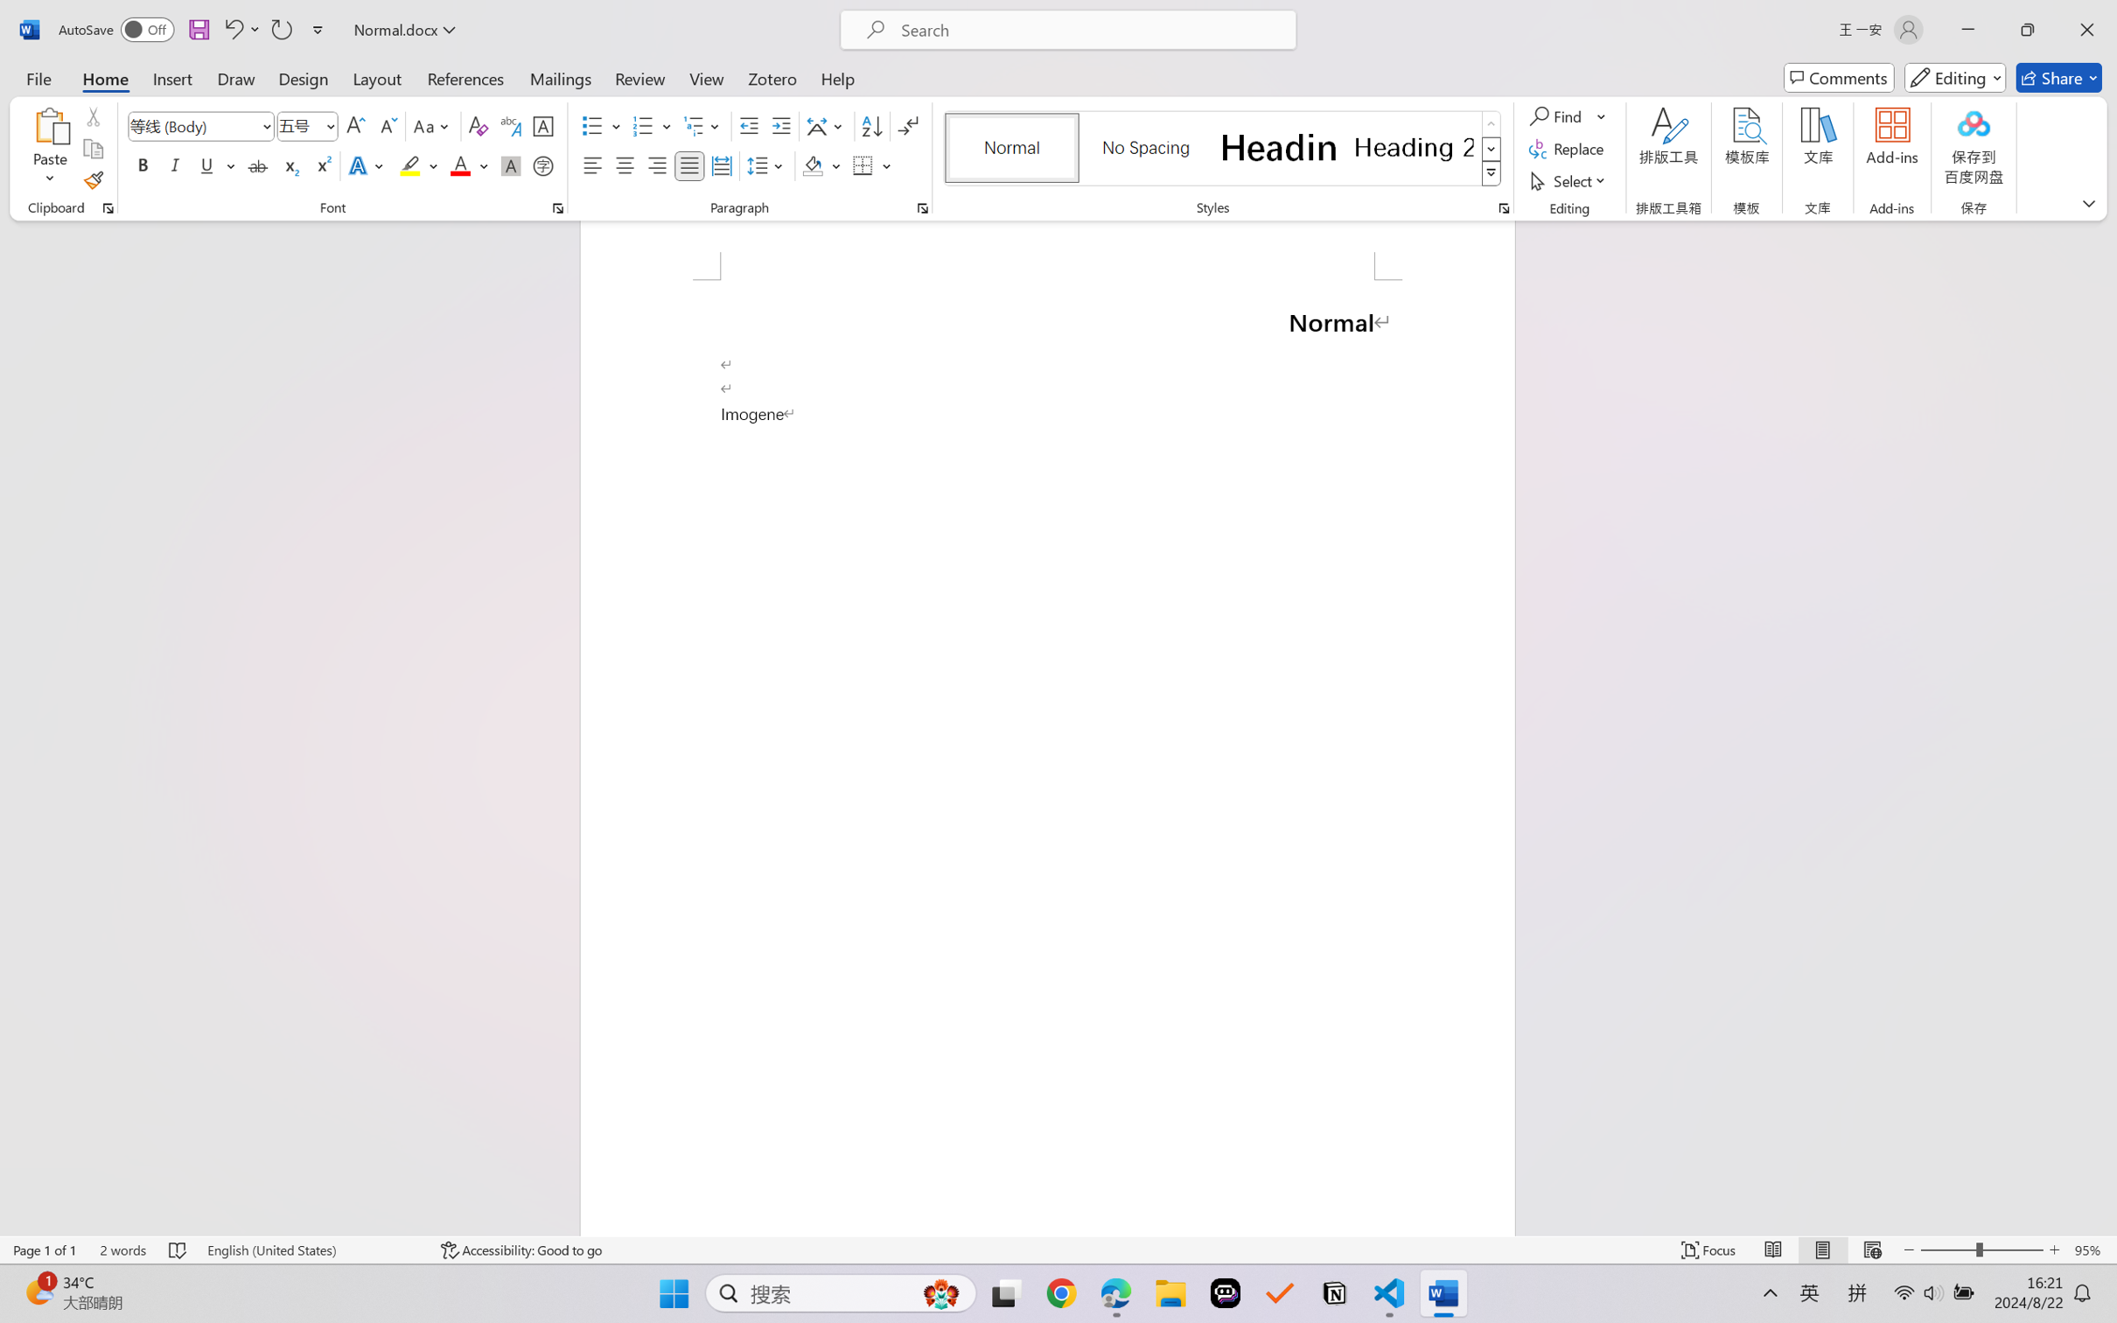 The image size is (2117, 1323). Describe the element at coordinates (240, 29) in the screenshot. I see `'Undo Style'` at that location.